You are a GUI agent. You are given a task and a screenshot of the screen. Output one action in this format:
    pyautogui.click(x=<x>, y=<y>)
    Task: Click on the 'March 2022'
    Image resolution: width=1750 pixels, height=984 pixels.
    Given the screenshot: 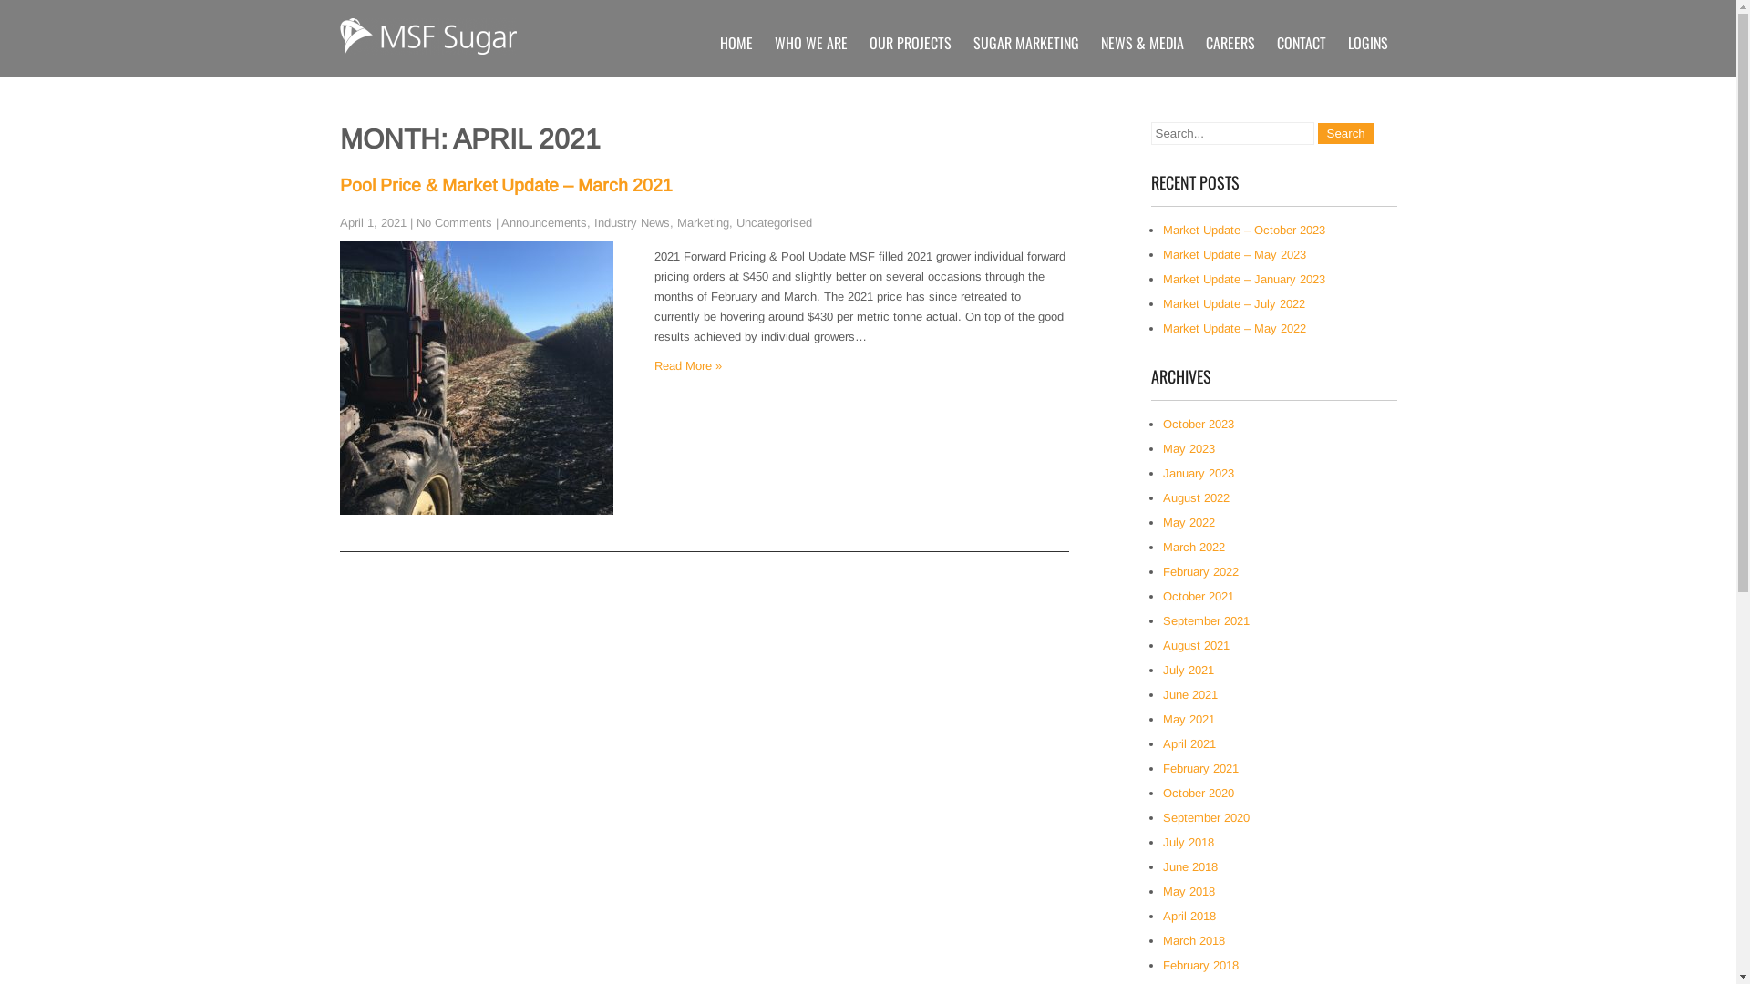 What is the action you would take?
    pyautogui.click(x=1162, y=546)
    